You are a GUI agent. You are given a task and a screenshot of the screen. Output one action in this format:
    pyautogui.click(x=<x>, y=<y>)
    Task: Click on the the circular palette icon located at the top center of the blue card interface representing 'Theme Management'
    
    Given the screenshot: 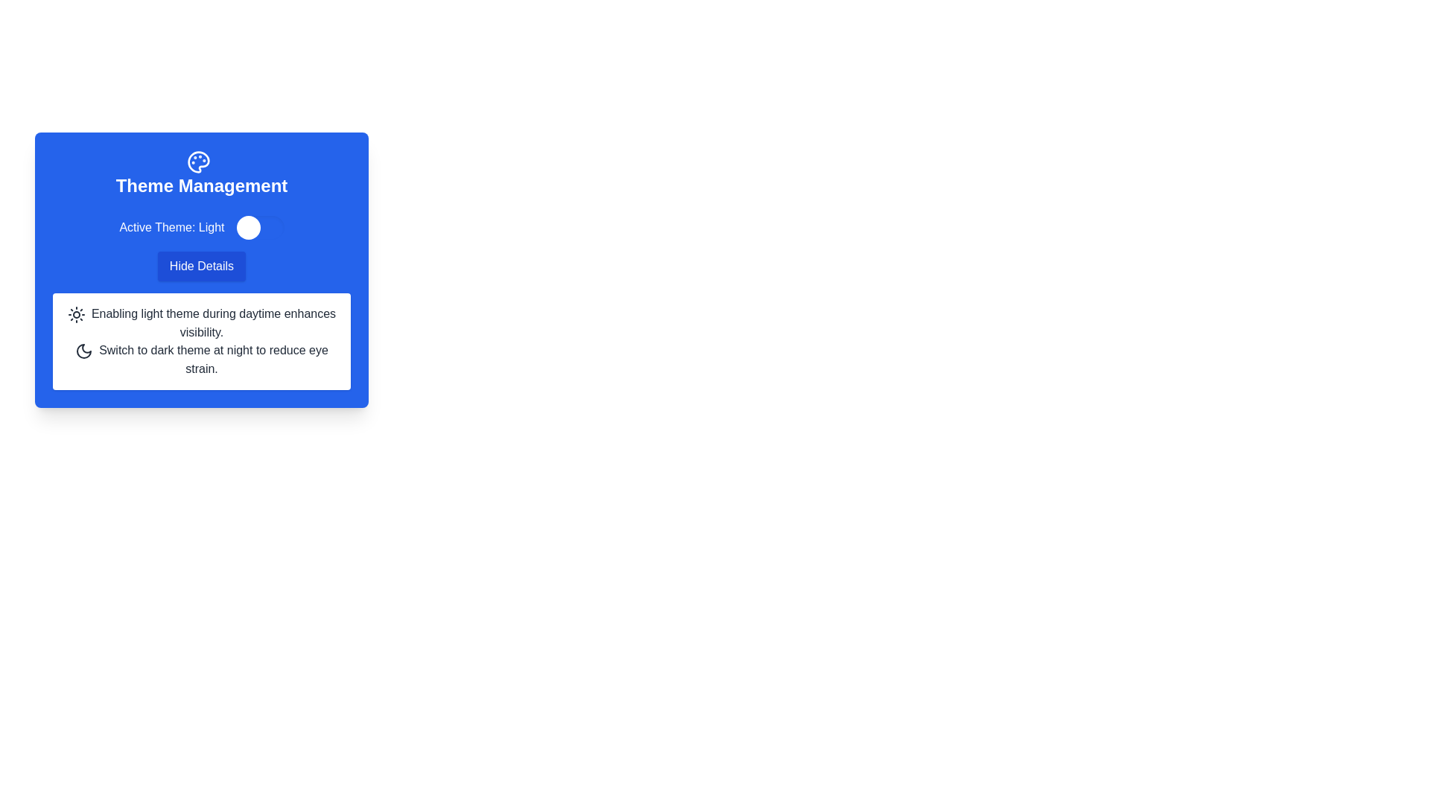 What is the action you would take?
    pyautogui.click(x=198, y=162)
    